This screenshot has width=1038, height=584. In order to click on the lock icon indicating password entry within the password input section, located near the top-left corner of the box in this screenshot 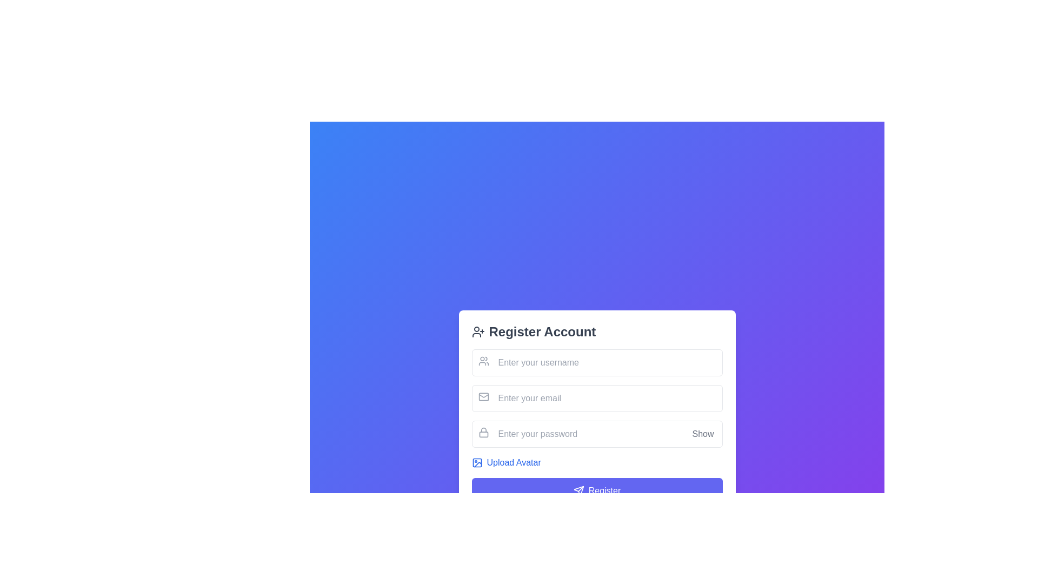, I will do `click(483, 432)`.